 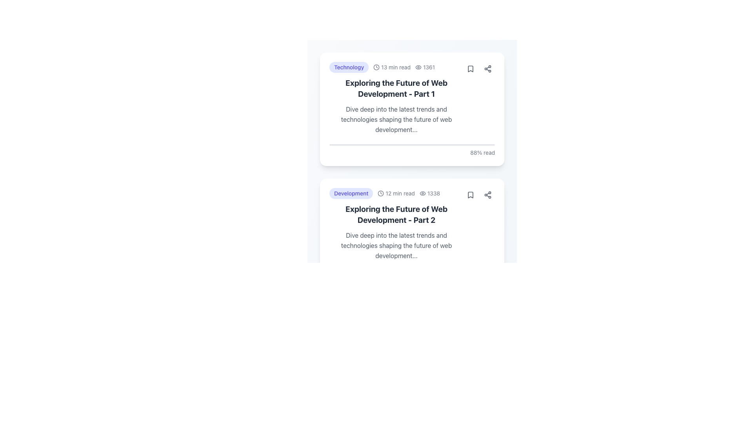 What do you see at coordinates (397, 224) in the screenshot?
I see `the second card in the vertically stacked list` at bounding box center [397, 224].